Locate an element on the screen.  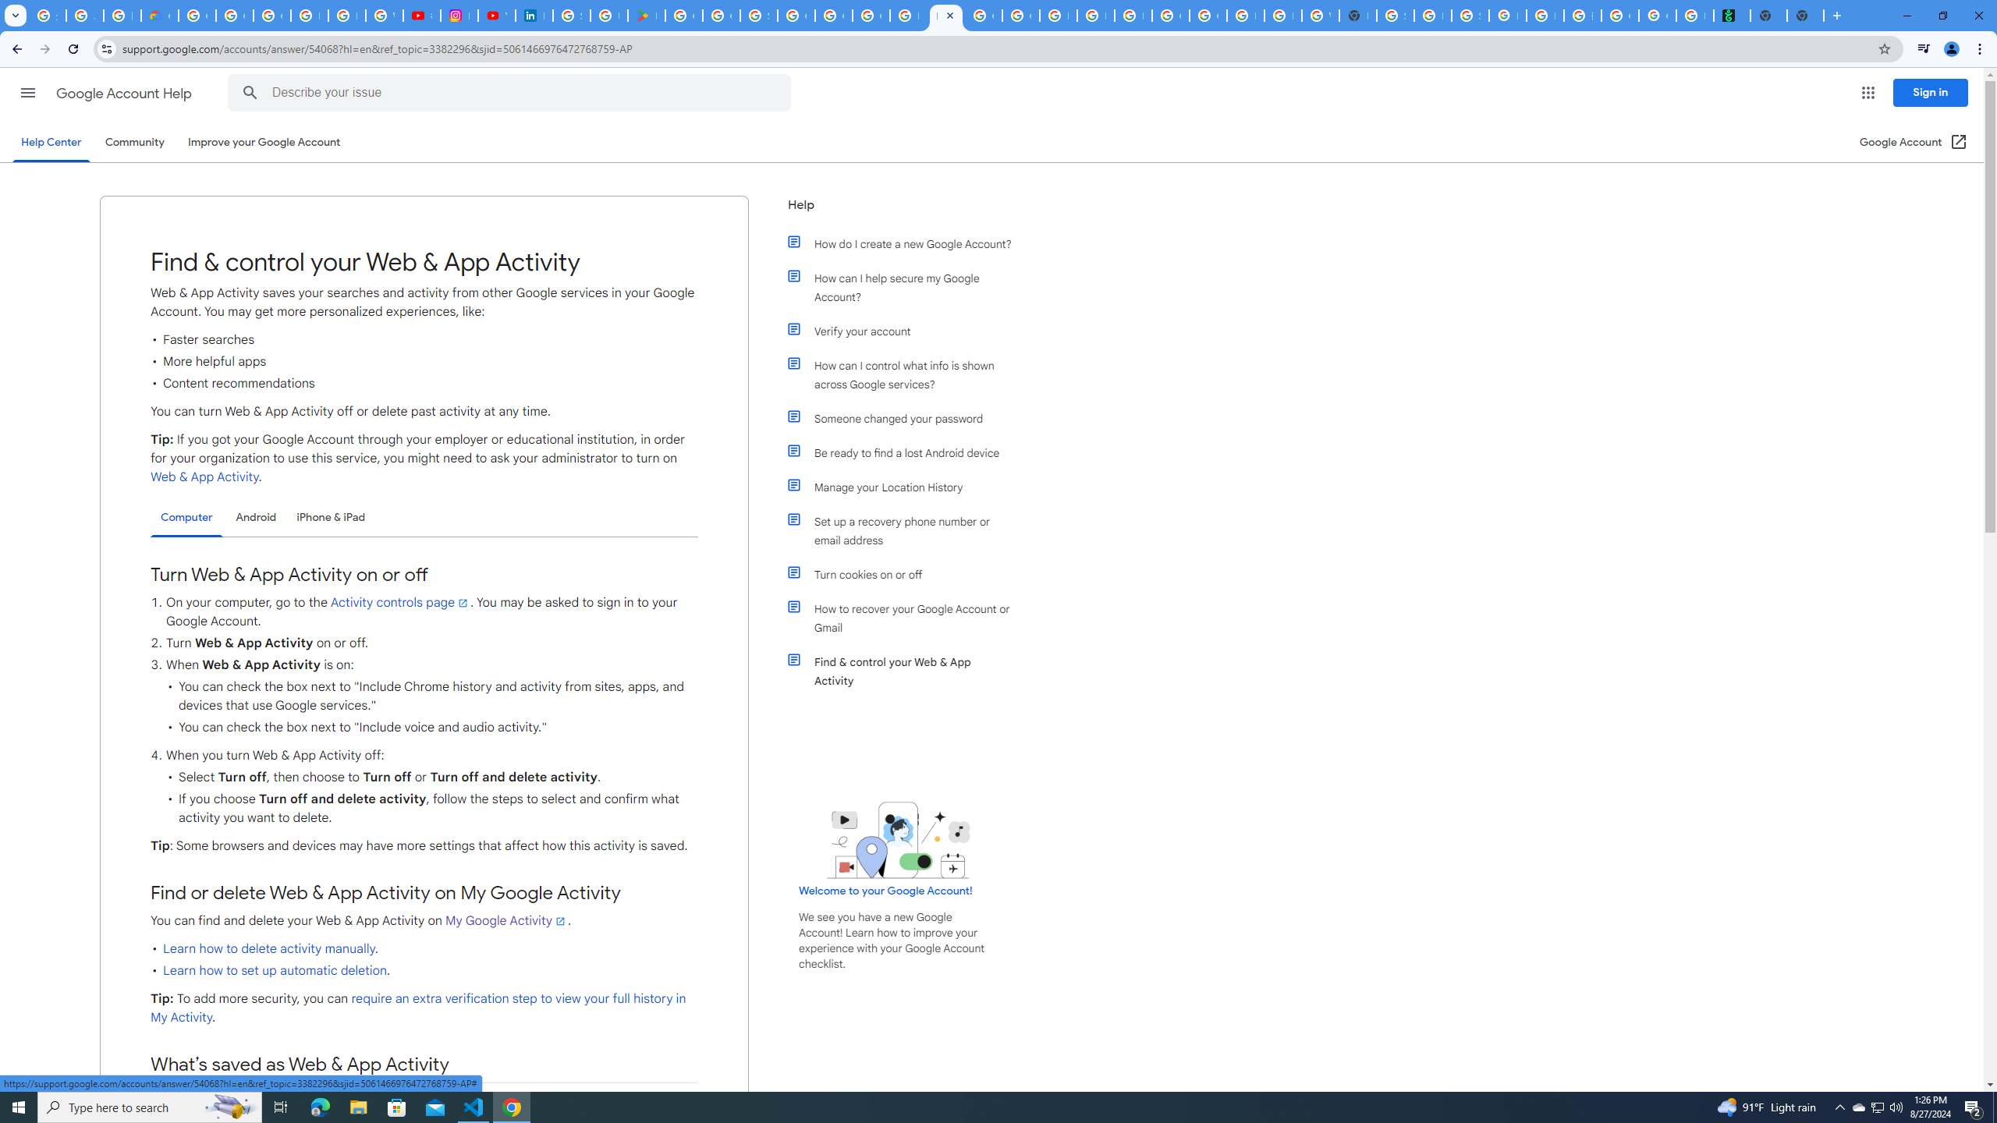
'My Google Activity' is located at coordinates (505, 919).